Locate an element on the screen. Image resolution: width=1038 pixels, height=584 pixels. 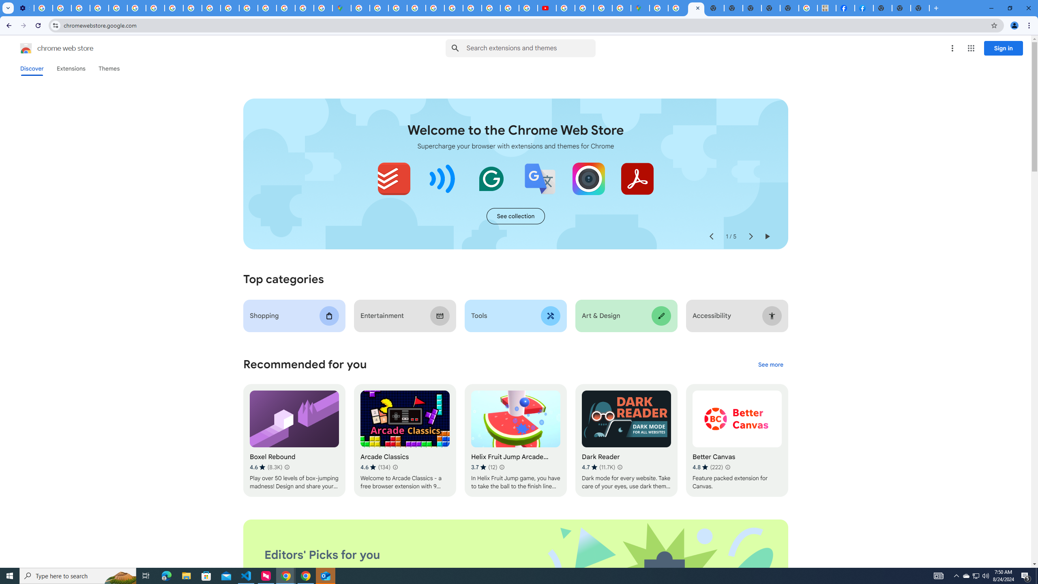
'Search input' is located at coordinates (530, 48).